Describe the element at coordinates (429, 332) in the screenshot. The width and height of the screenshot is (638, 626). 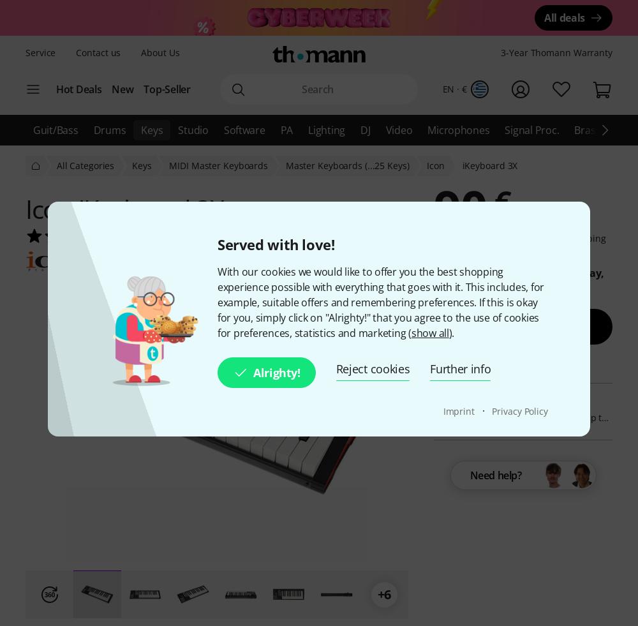
I see `'show all'` at that location.